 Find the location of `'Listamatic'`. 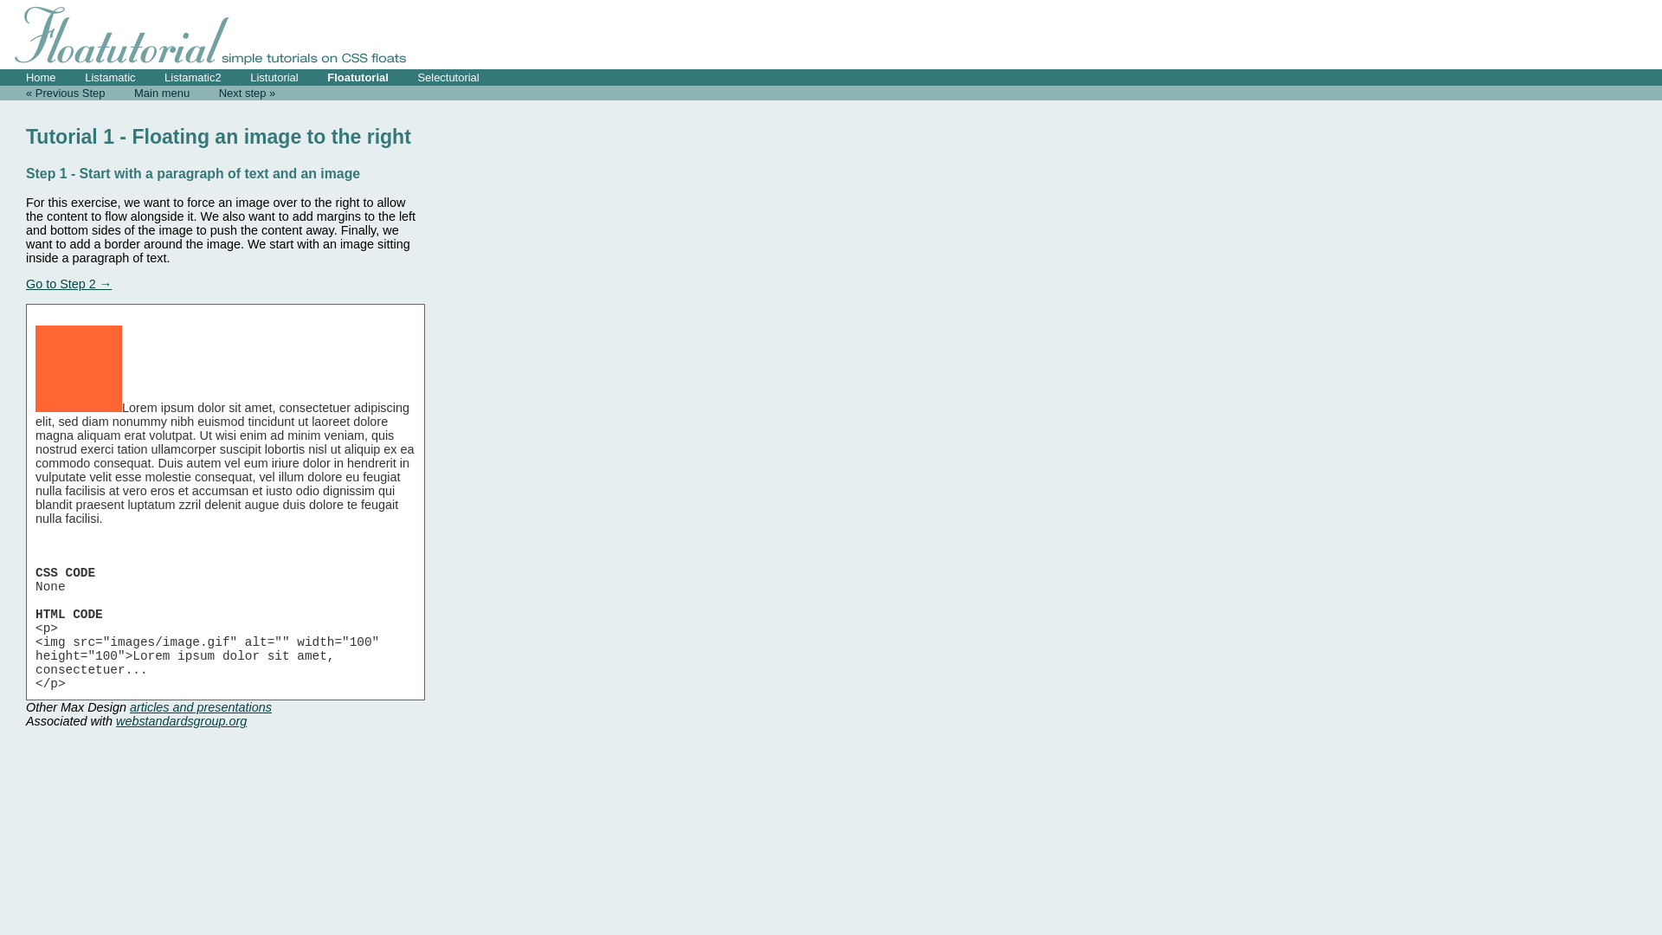

'Listamatic' is located at coordinates (108, 76).